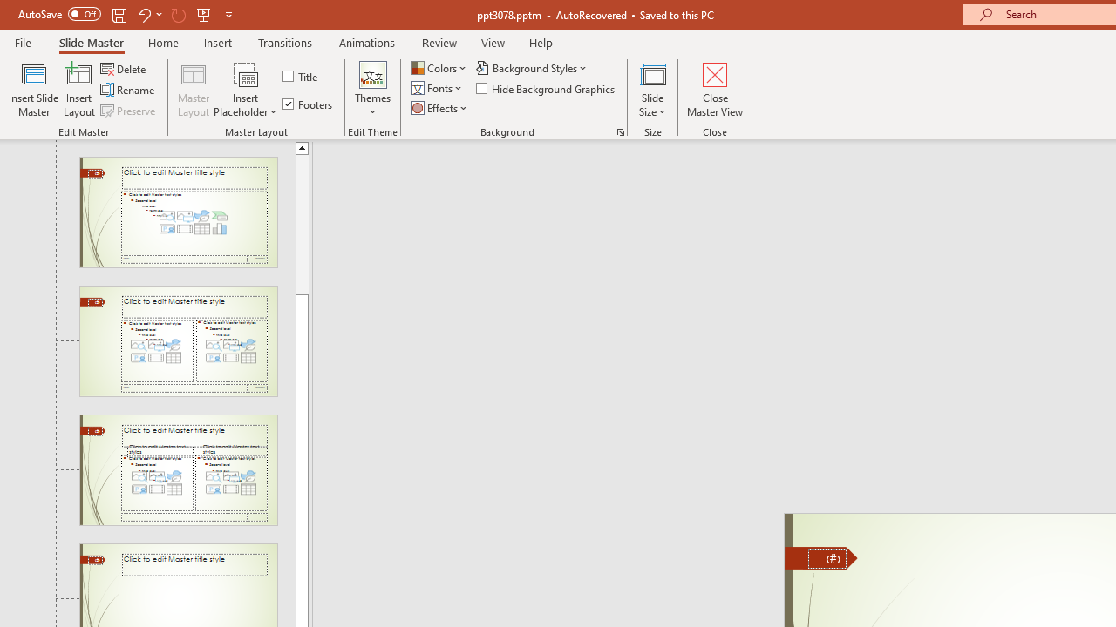 This screenshot has width=1116, height=627. I want to click on 'Footers', so click(309, 104).